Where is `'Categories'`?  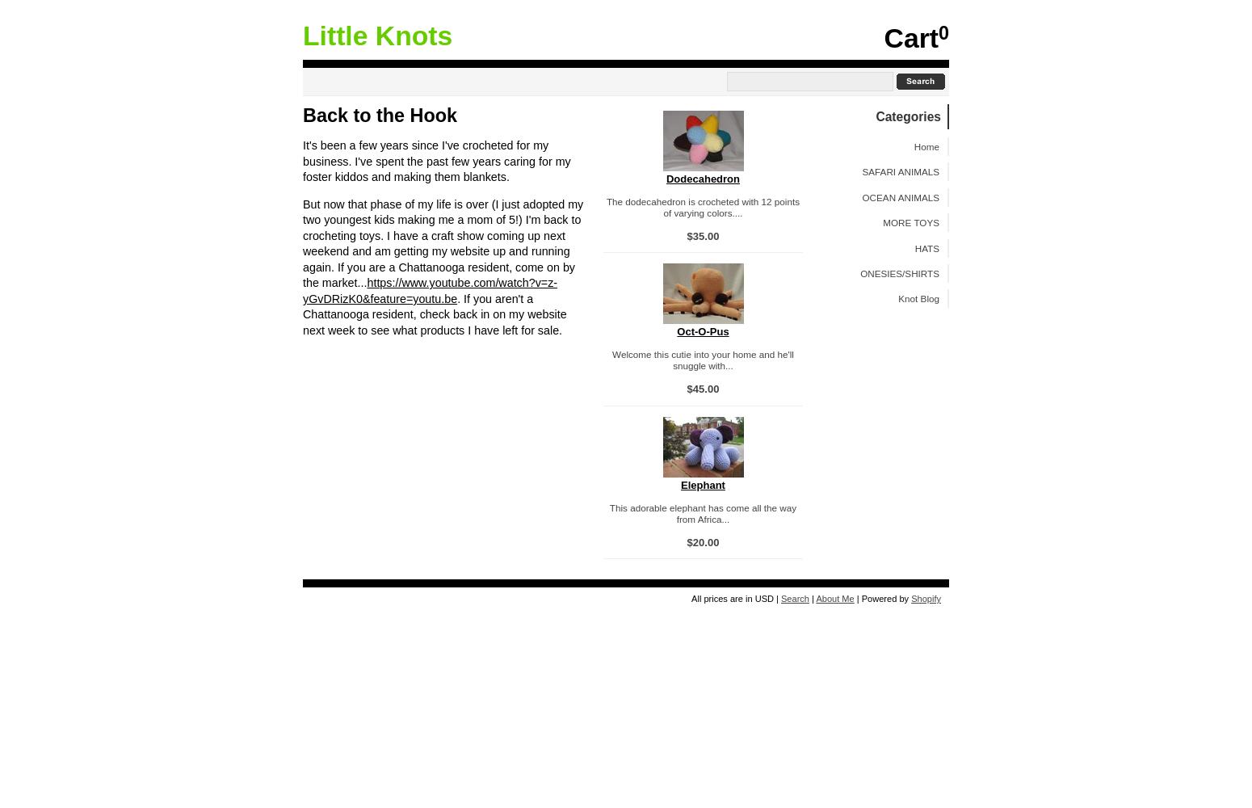
'Categories' is located at coordinates (907, 116).